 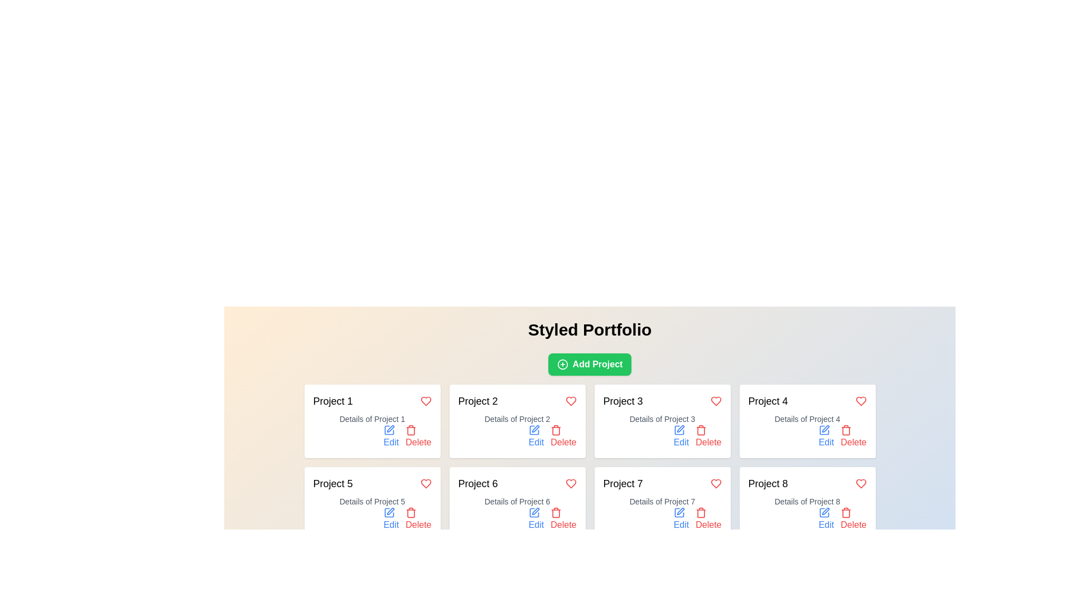 What do you see at coordinates (662, 419) in the screenshot?
I see `the text label providing details for 'Project 3', located in the third card of the grid layout, positioned below the 'Project 3' title` at bounding box center [662, 419].